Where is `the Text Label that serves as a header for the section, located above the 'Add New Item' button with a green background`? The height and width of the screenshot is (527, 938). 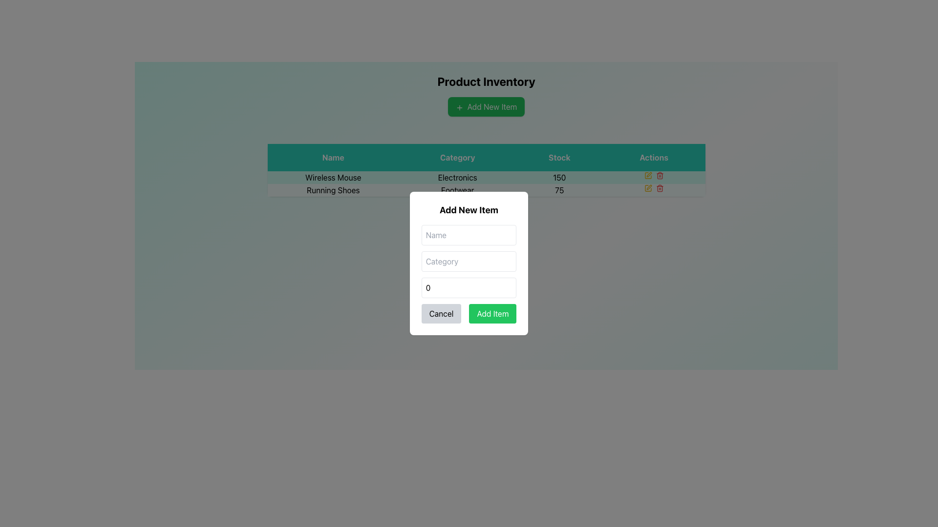 the Text Label that serves as a header for the section, located above the 'Add New Item' button with a green background is located at coordinates (486, 81).